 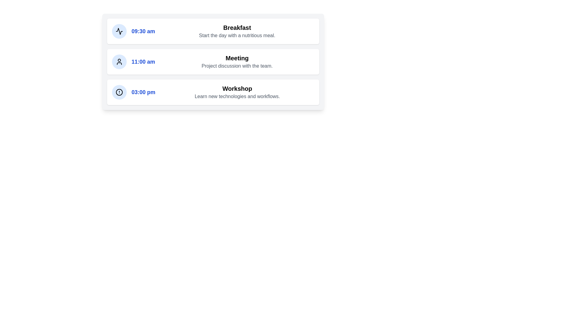 I want to click on details of the event titled 'Workshop' scheduled for 3:00 pm, which is the third item in the list, featuring a blue icon and styled with a white background, so click(x=213, y=92).